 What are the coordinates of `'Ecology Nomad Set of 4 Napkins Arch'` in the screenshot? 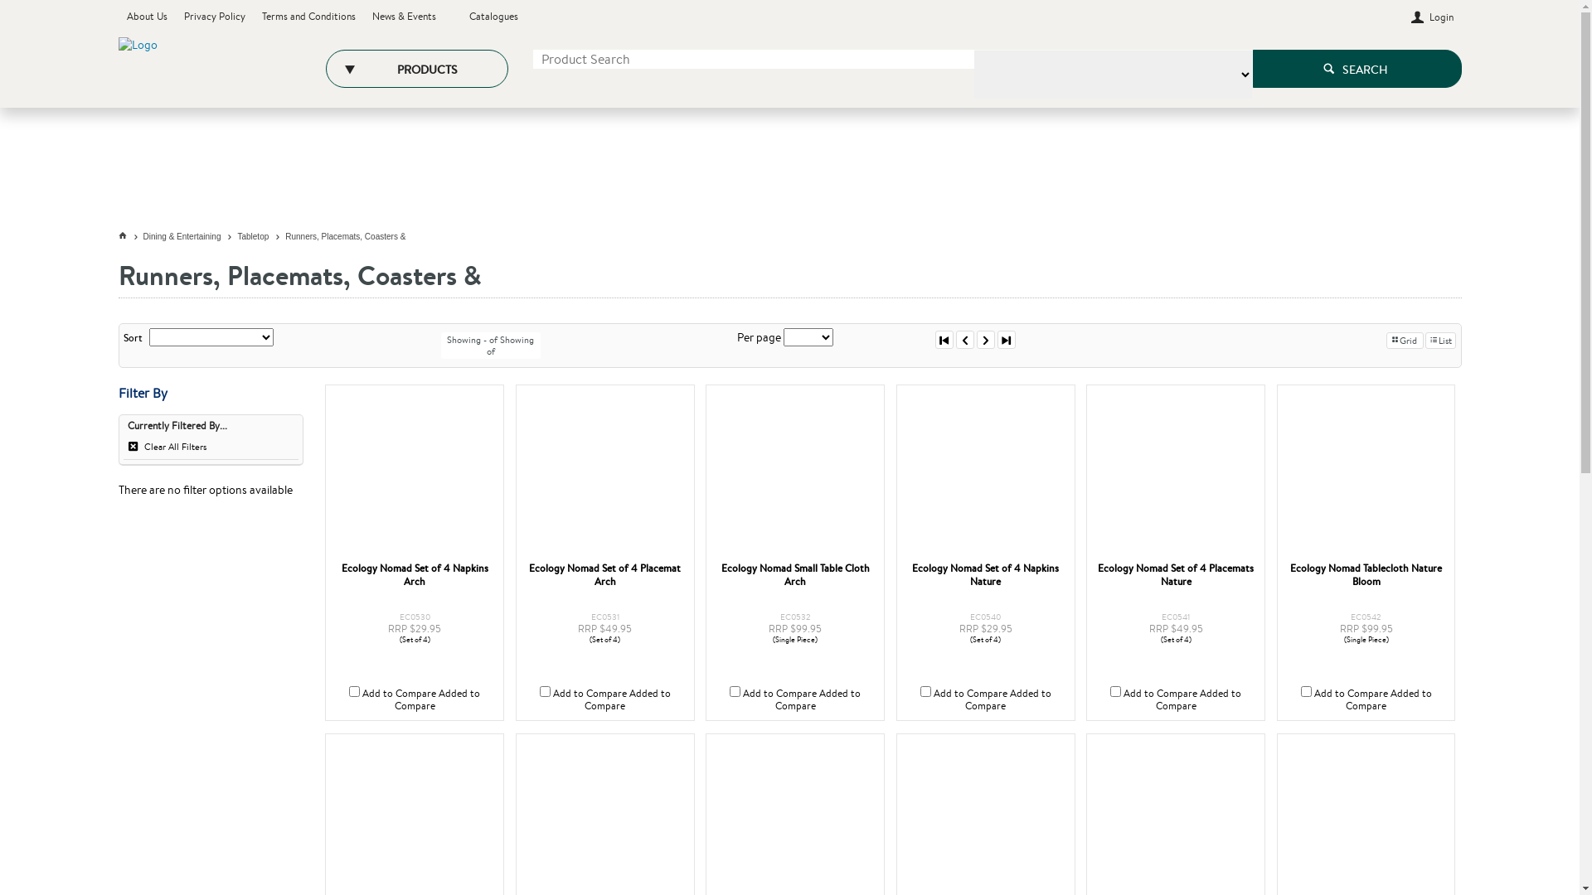 It's located at (415, 574).